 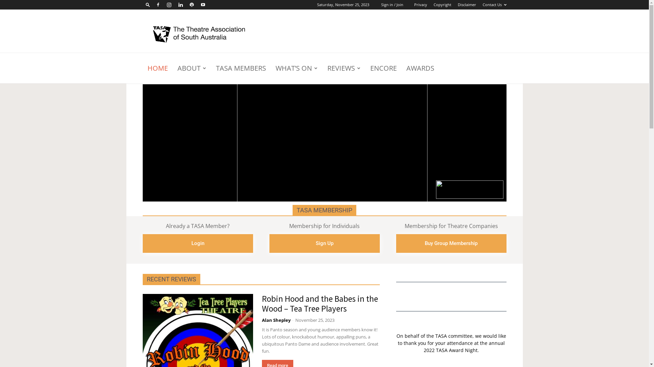 I want to click on 'TASA was established in 1985', so click(x=200, y=34).